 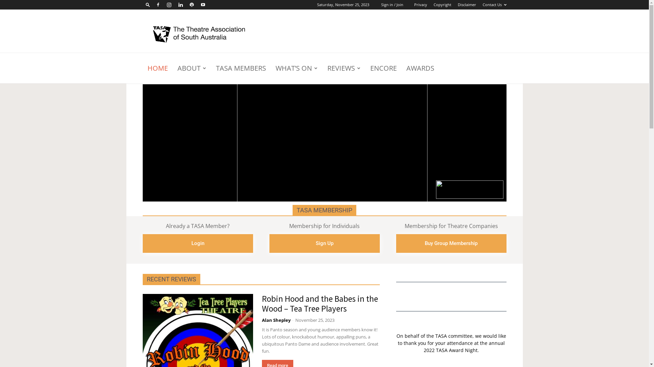 I want to click on 'TASA was established in 1985', so click(x=200, y=34).